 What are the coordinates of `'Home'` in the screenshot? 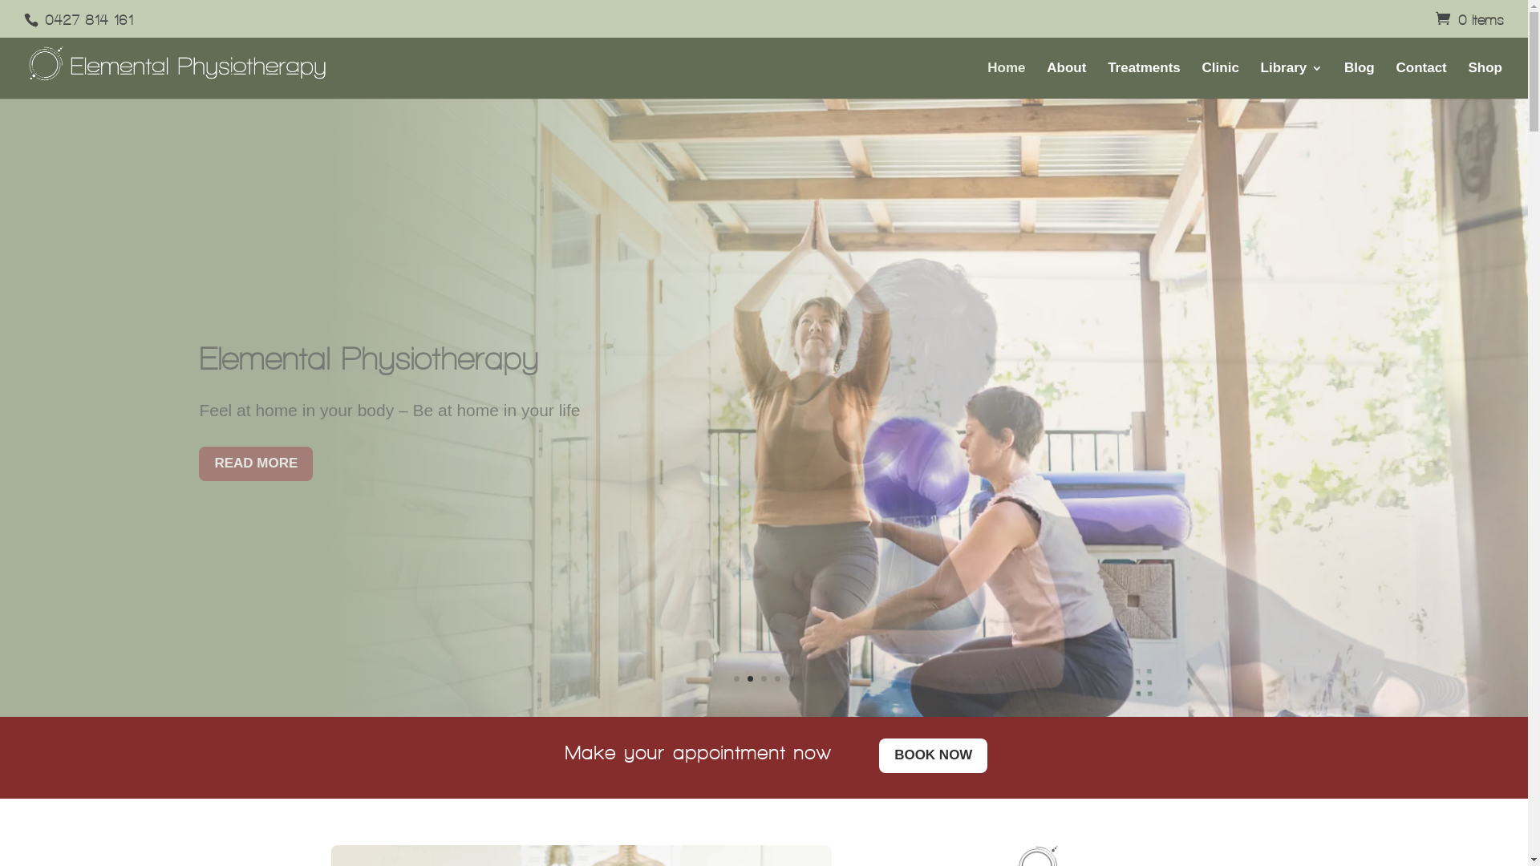 It's located at (1005, 80).